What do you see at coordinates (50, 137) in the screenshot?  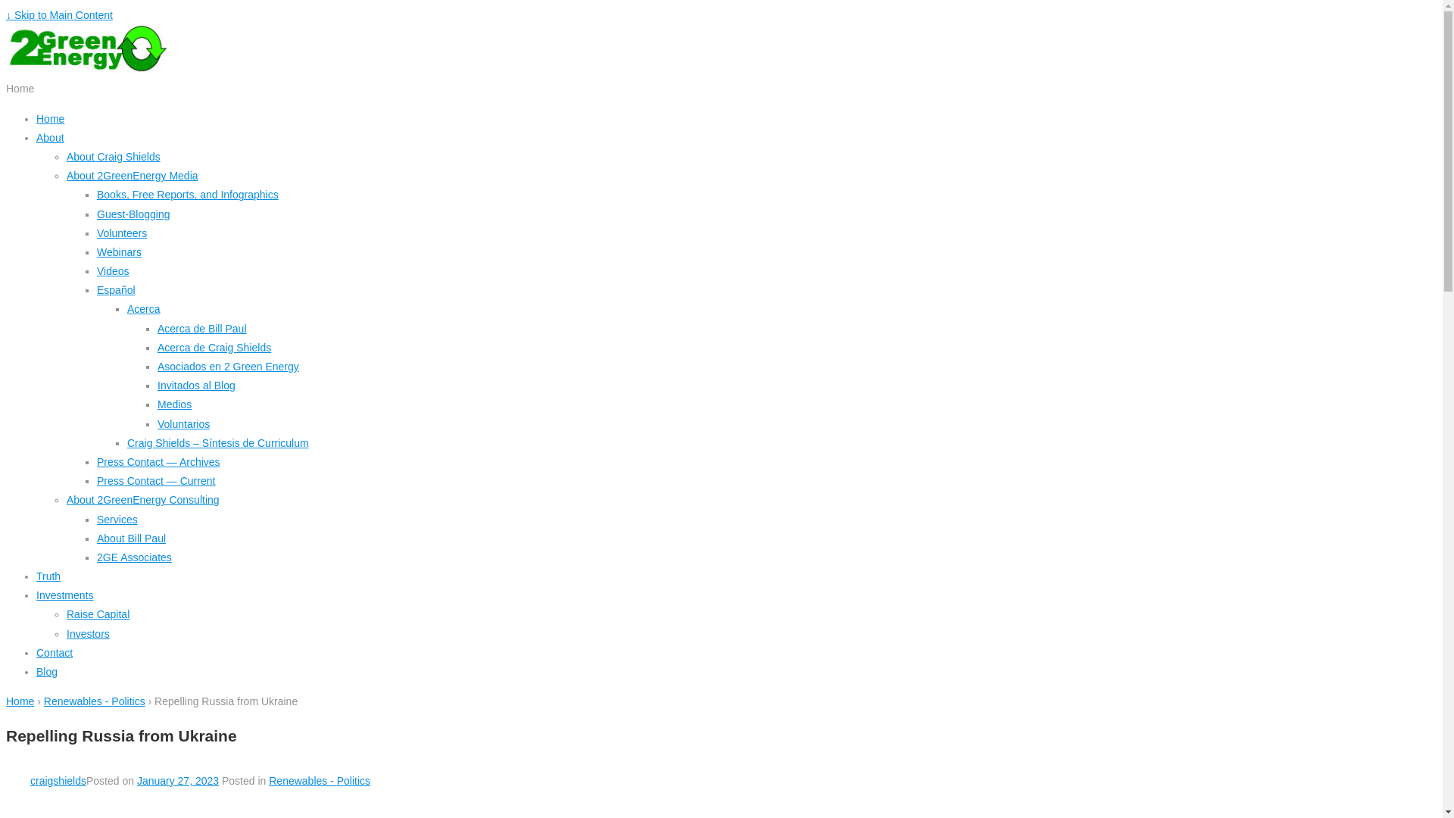 I see `'About'` at bounding box center [50, 137].